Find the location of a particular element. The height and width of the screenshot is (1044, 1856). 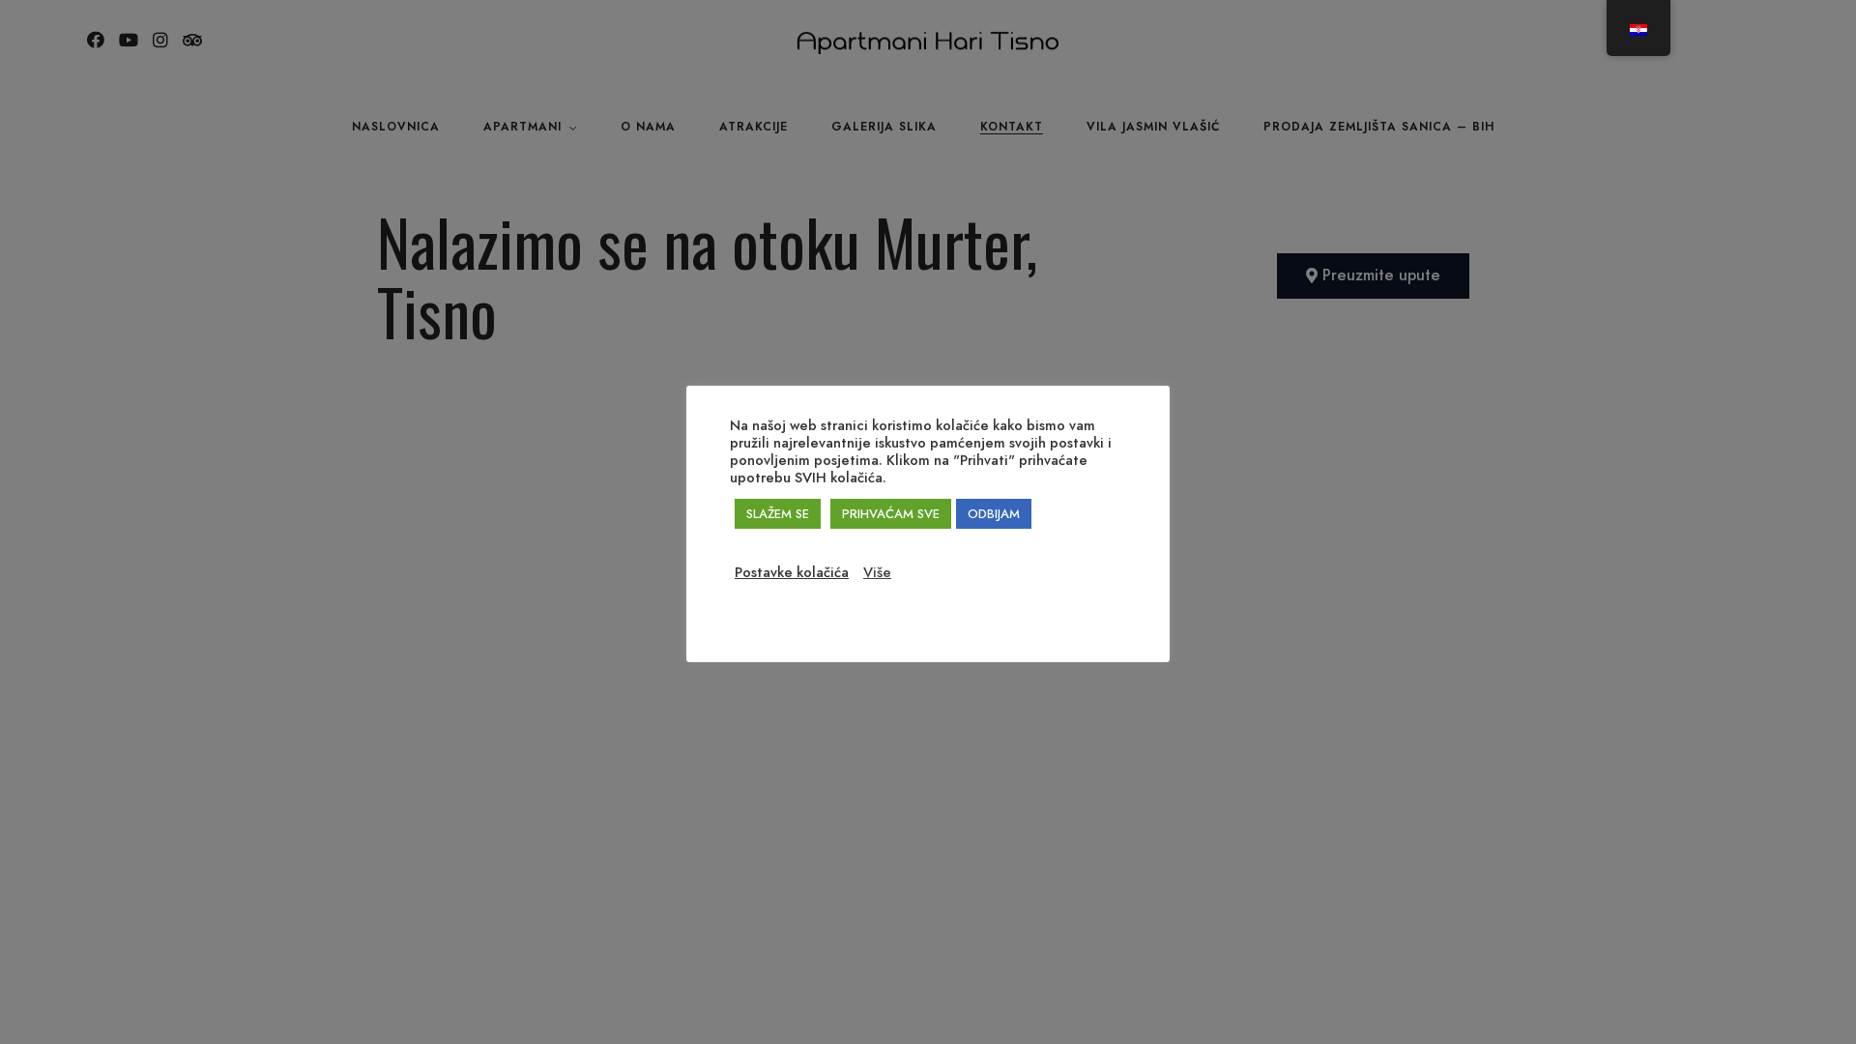

'GALERIJA SLIKA' is located at coordinates (883, 127).